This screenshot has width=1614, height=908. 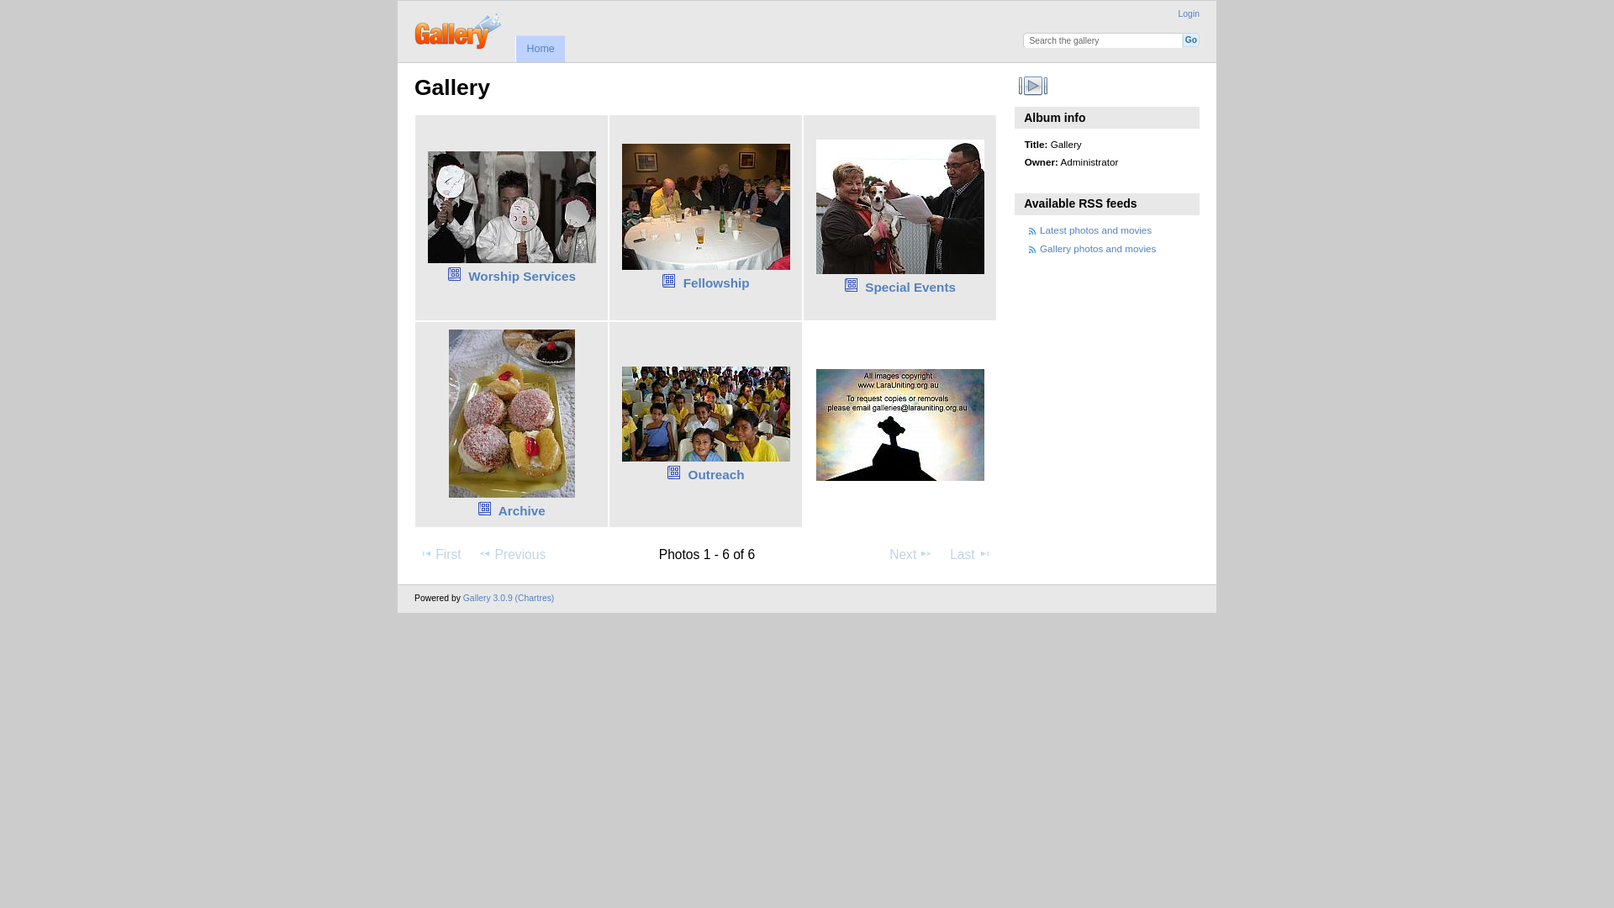 What do you see at coordinates (1097, 248) in the screenshot?
I see `'Gallery photos and movies'` at bounding box center [1097, 248].